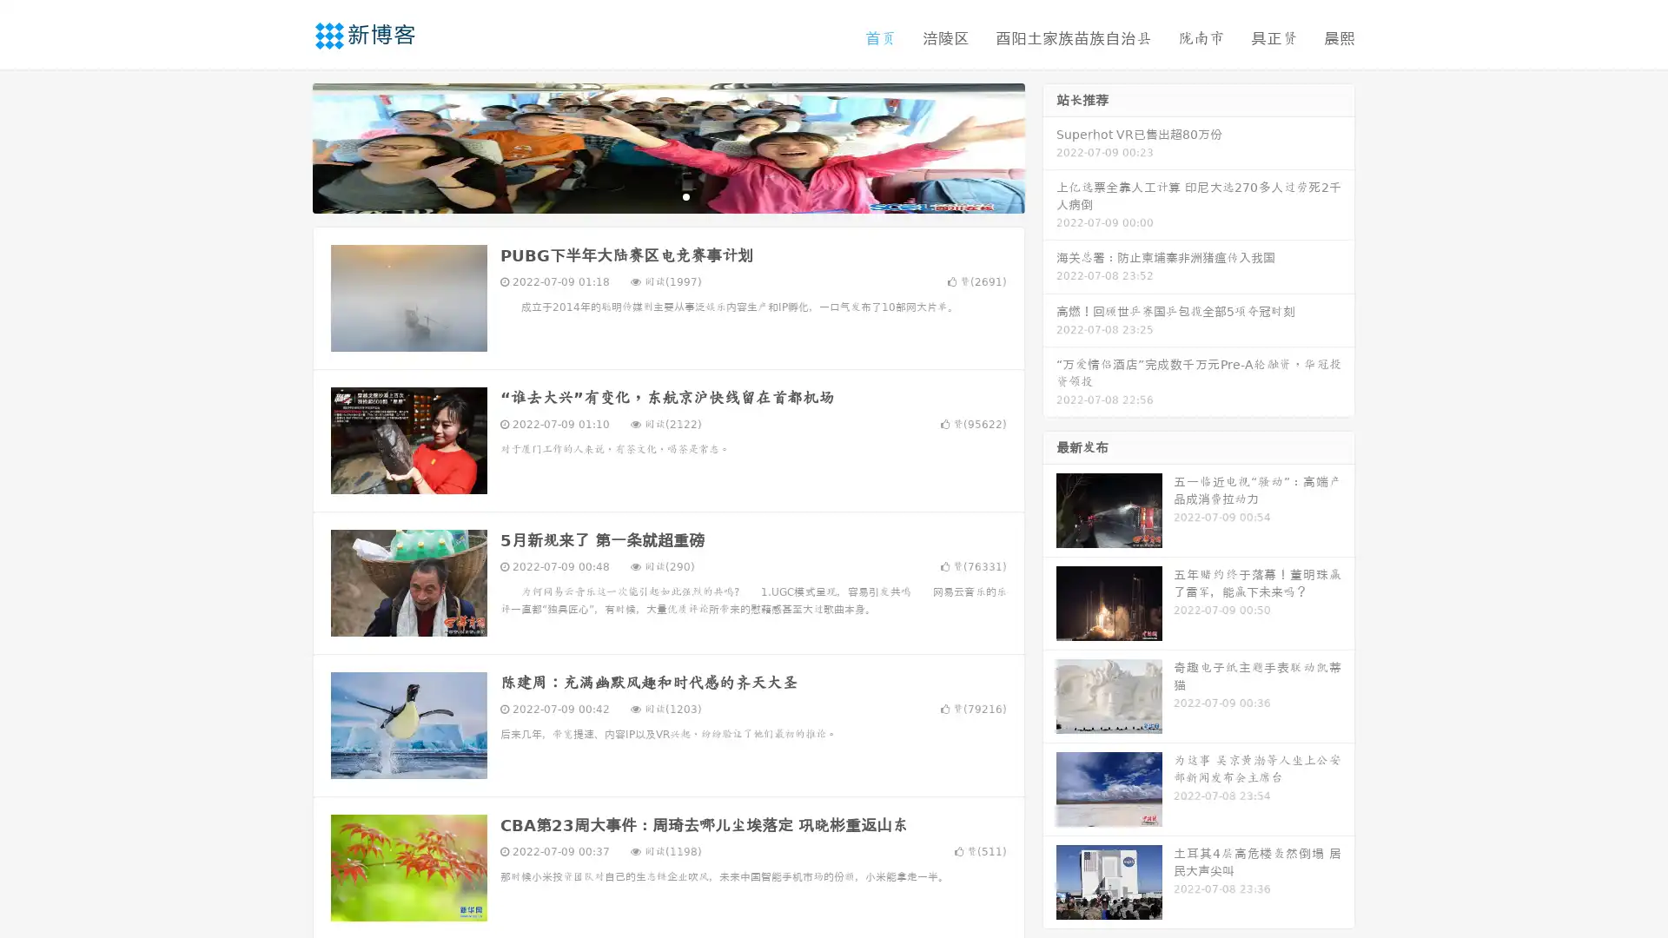  Describe the element at coordinates (667, 195) in the screenshot. I see `Go to slide 2` at that location.